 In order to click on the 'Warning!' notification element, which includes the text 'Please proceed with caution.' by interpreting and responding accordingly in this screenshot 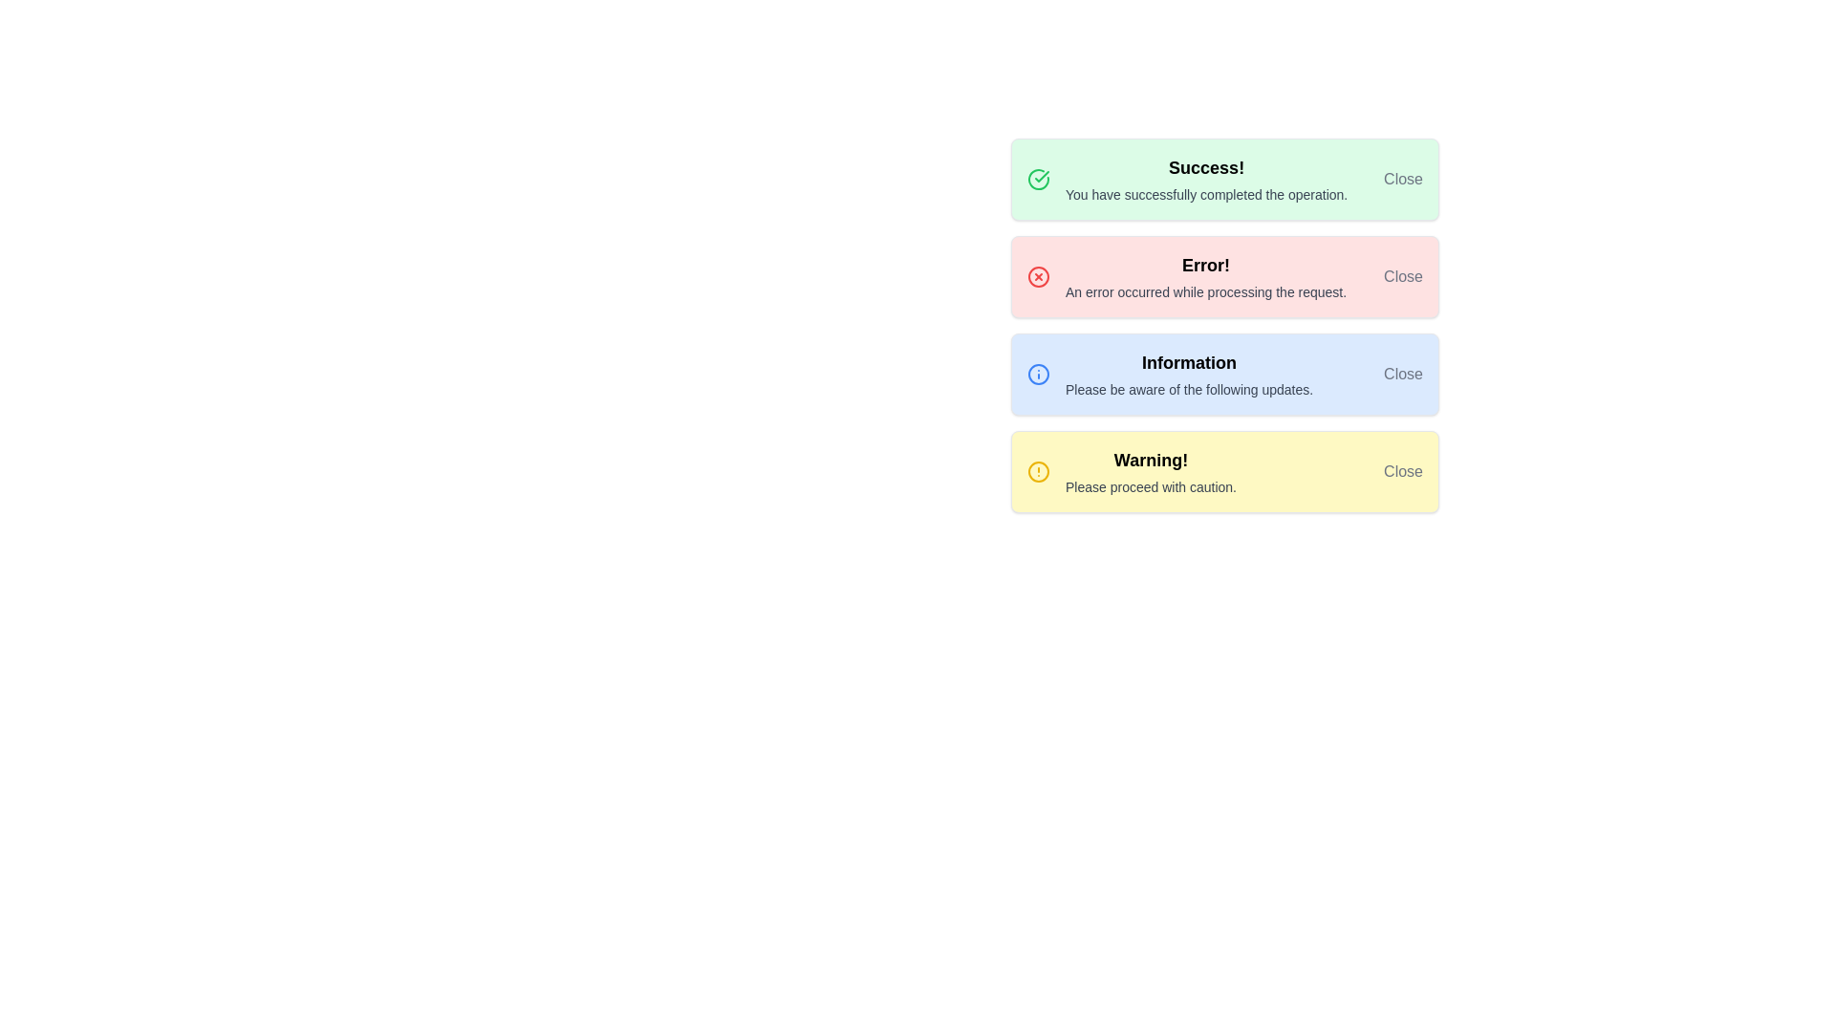, I will do `click(1150, 471)`.